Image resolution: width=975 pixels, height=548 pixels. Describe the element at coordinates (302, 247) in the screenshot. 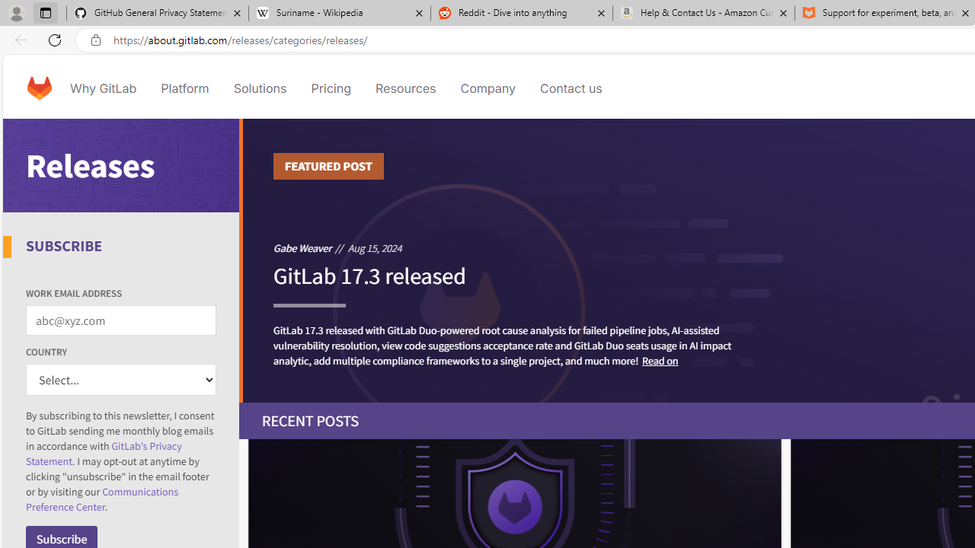

I see `'Gabe Weaver'` at that location.